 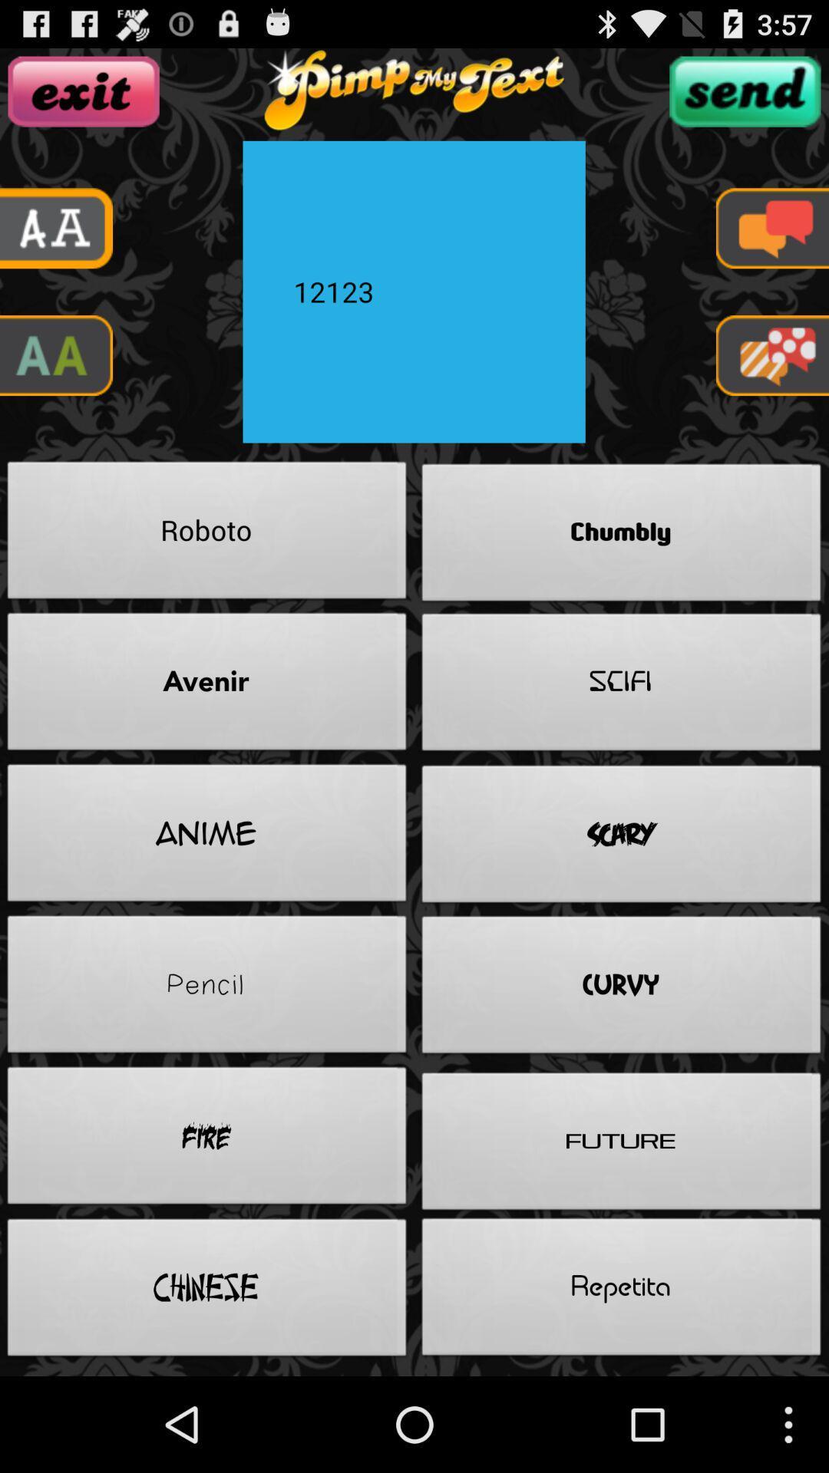 I want to click on send button, so click(x=744, y=91).